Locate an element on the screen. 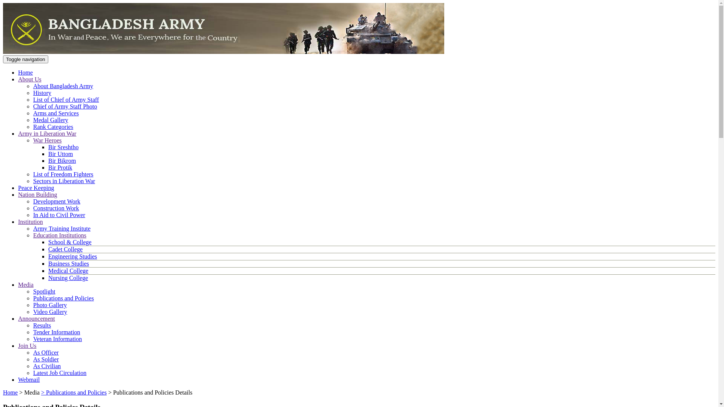 Image resolution: width=724 pixels, height=407 pixels. 'Arms and Services' is located at coordinates (55, 113).